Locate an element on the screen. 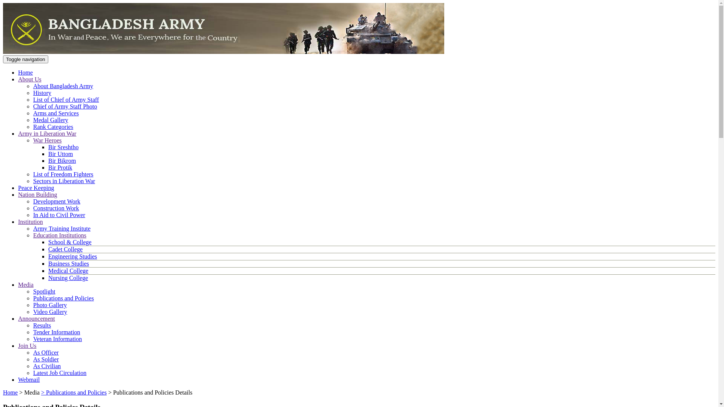 Image resolution: width=724 pixels, height=407 pixels. 'Arms and Services' is located at coordinates (55, 113).